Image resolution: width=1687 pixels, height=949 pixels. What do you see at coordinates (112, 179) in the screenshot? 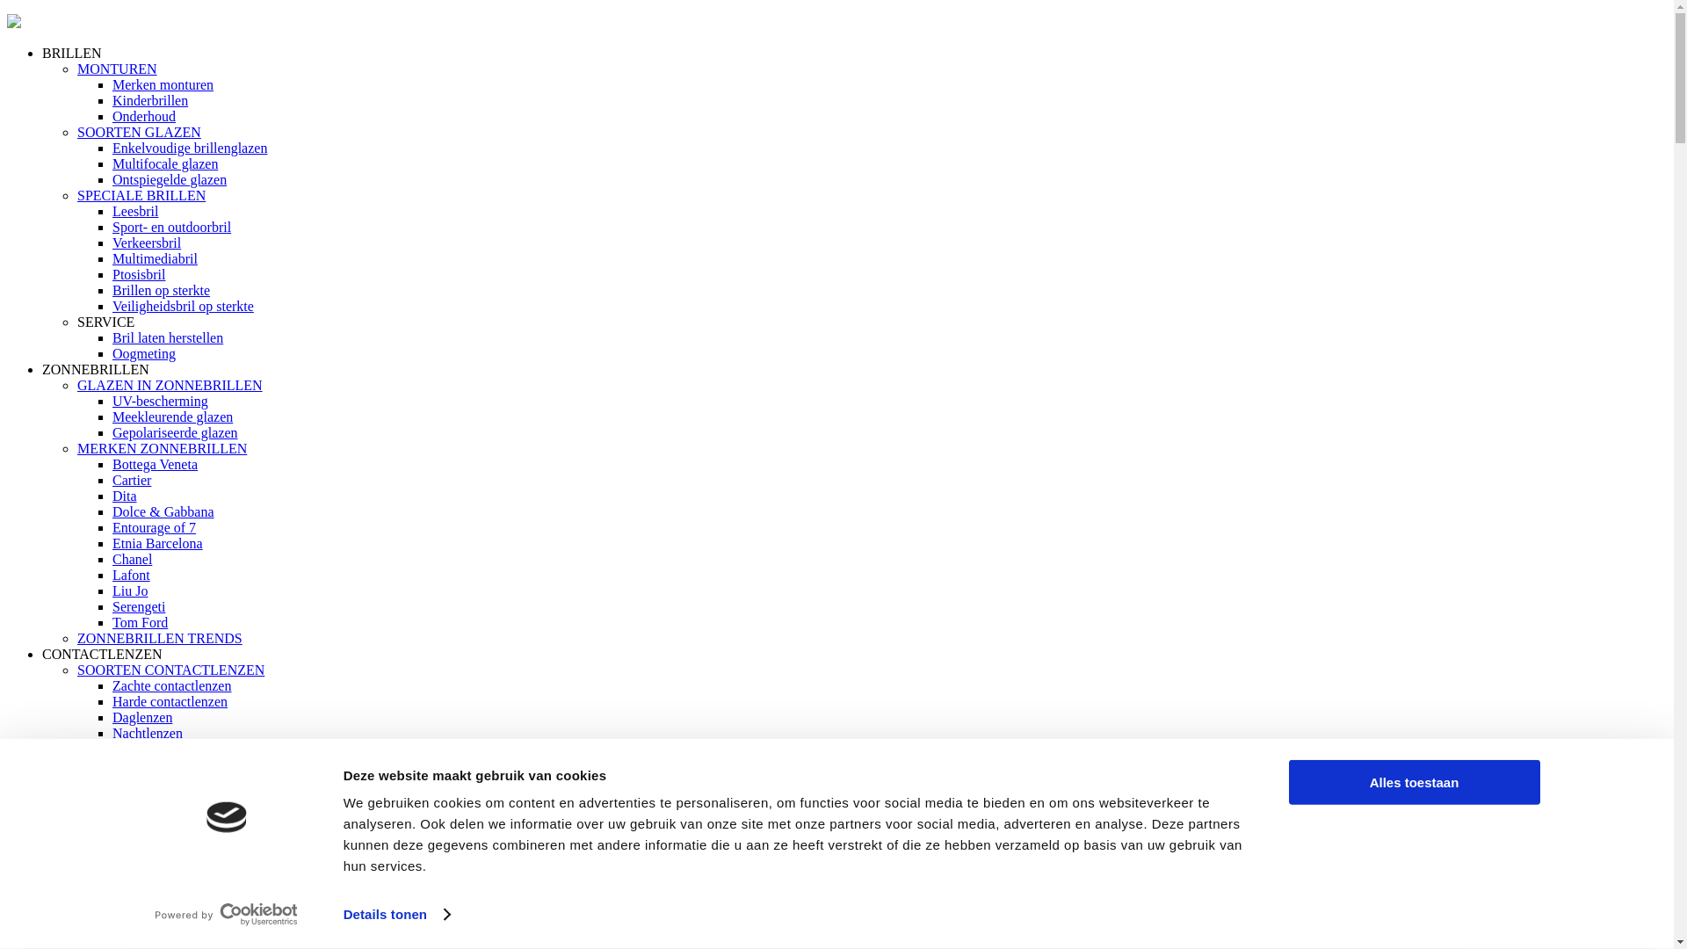
I see `'Ontspiegelde glazen'` at bounding box center [112, 179].